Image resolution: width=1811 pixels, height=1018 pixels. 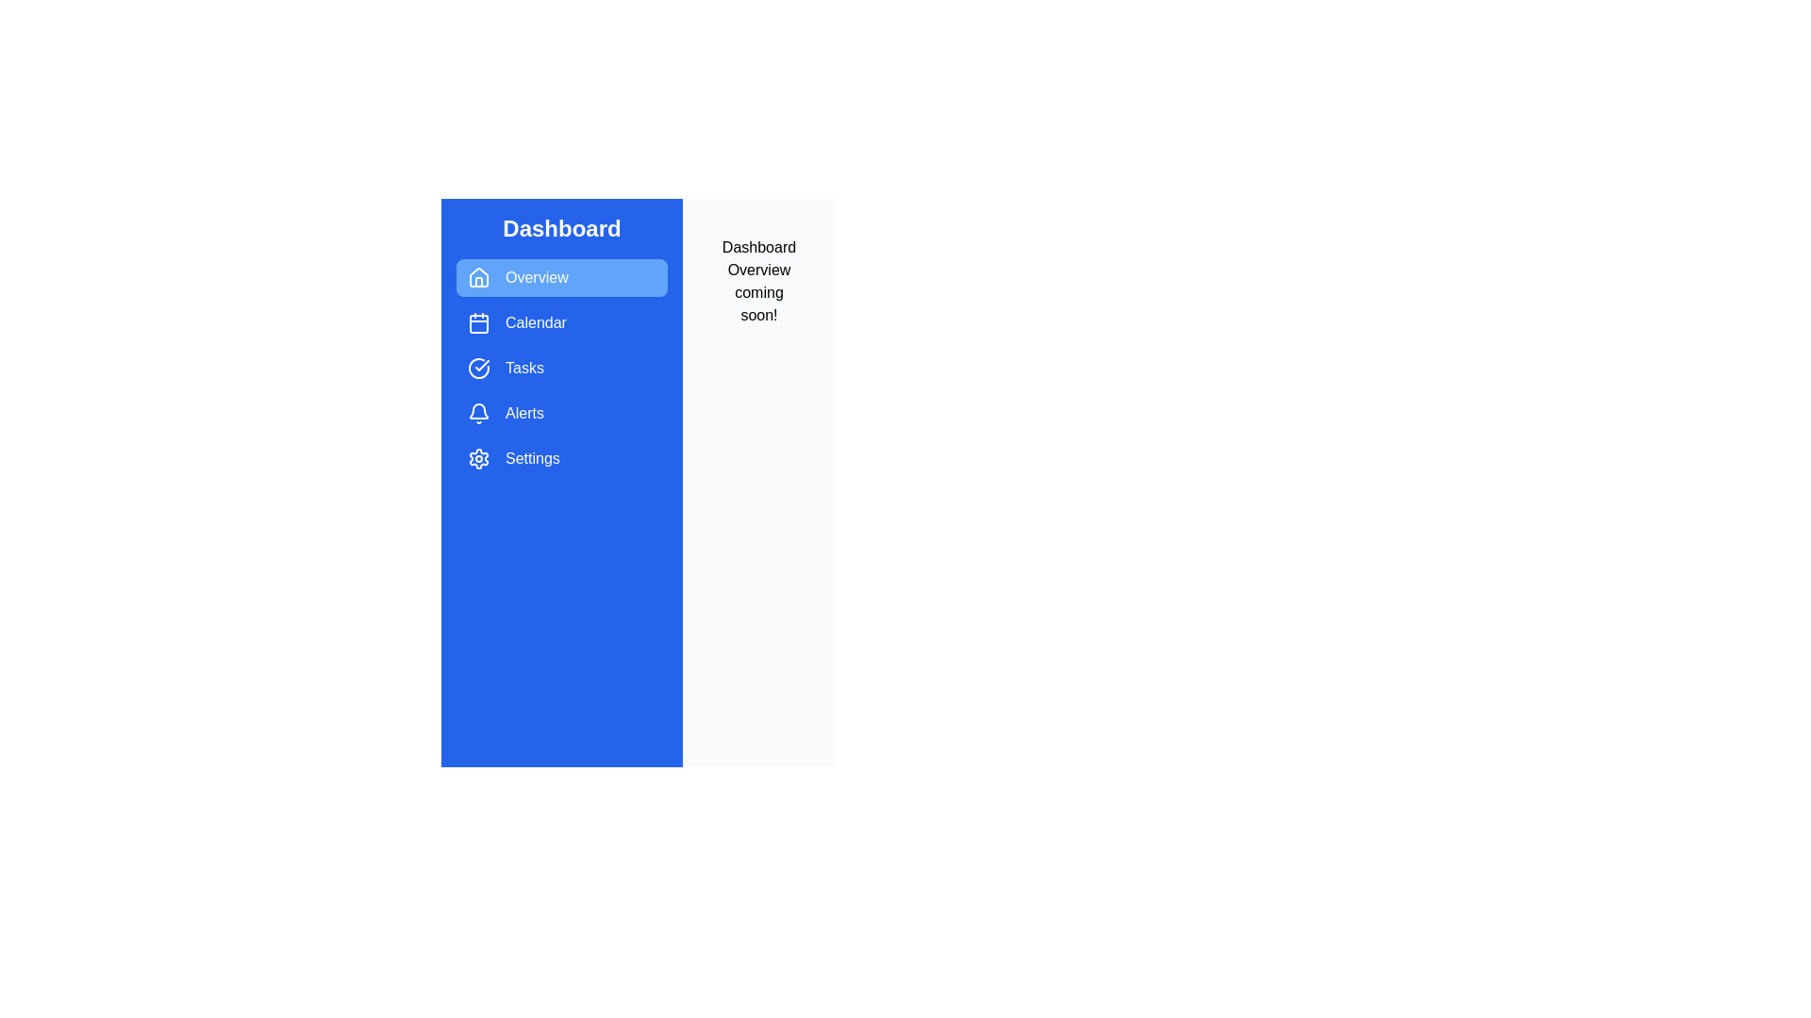 I want to click on the circular checkmark icon in the sidebar navigation menu, so click(x=479, y=368).